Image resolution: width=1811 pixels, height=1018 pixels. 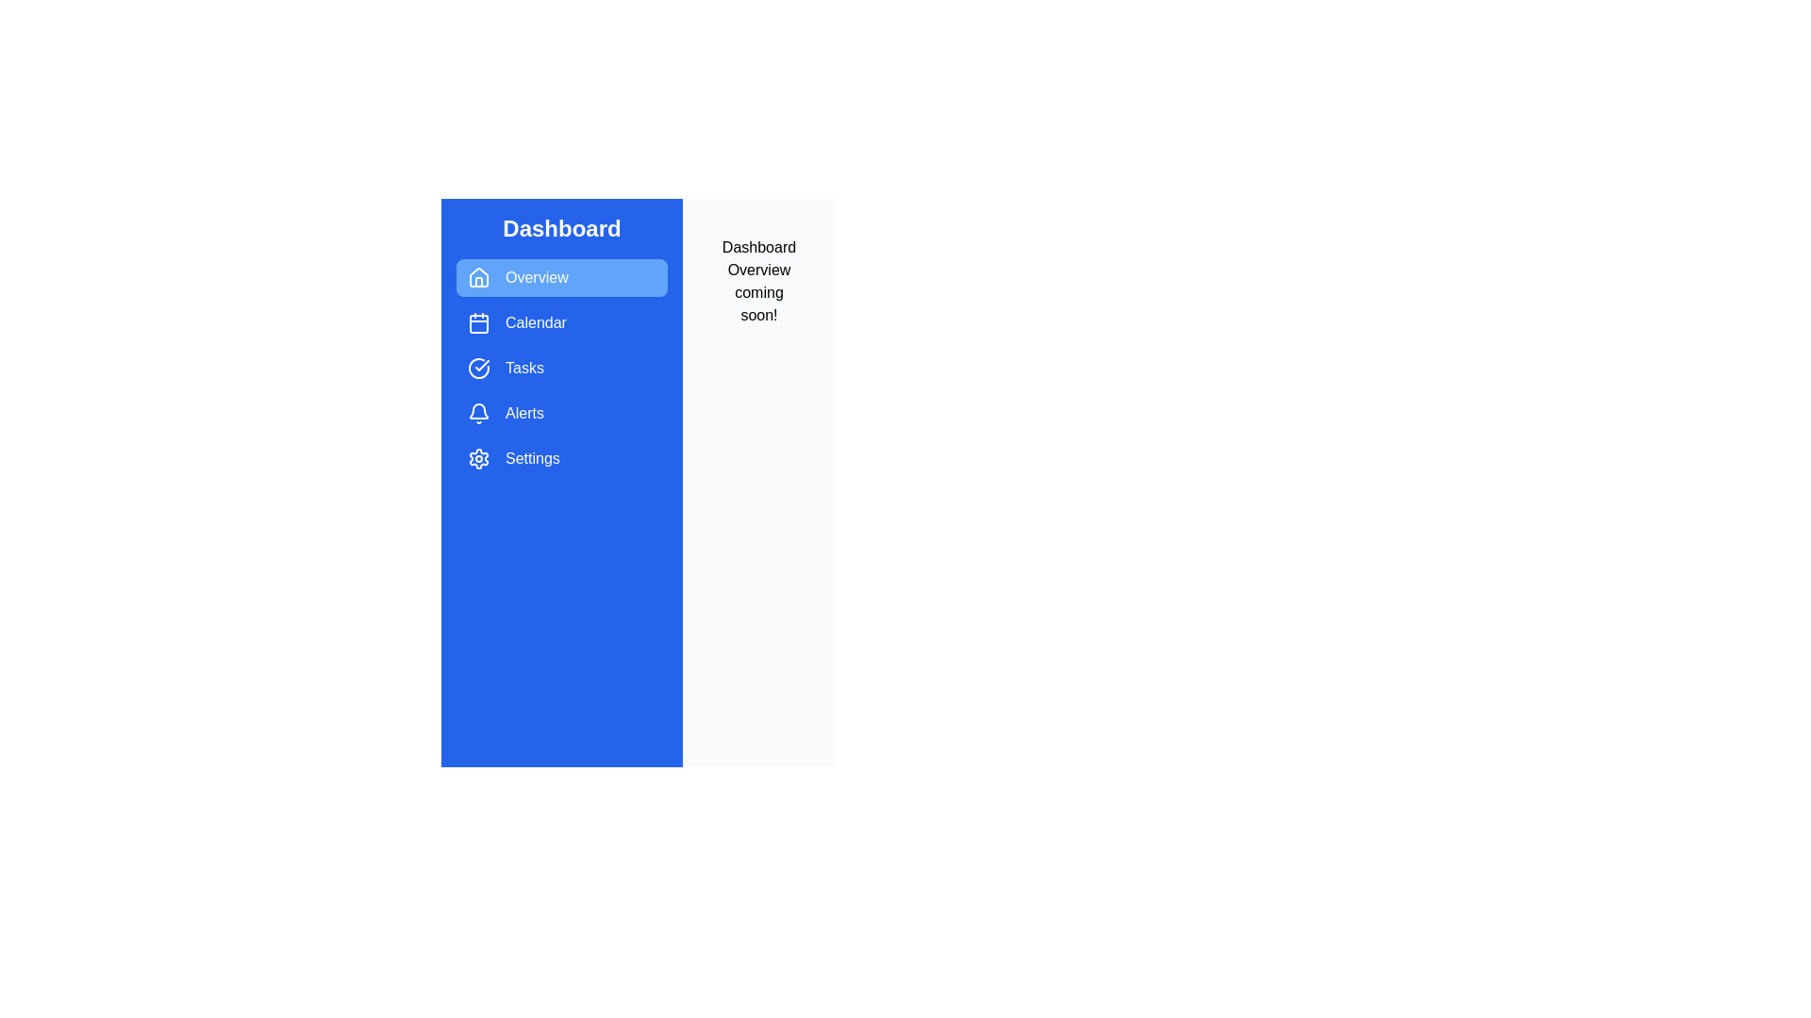 I want to click on the circular checkmark icon in the sidebar navigation menu, so click(x=479, y=368).